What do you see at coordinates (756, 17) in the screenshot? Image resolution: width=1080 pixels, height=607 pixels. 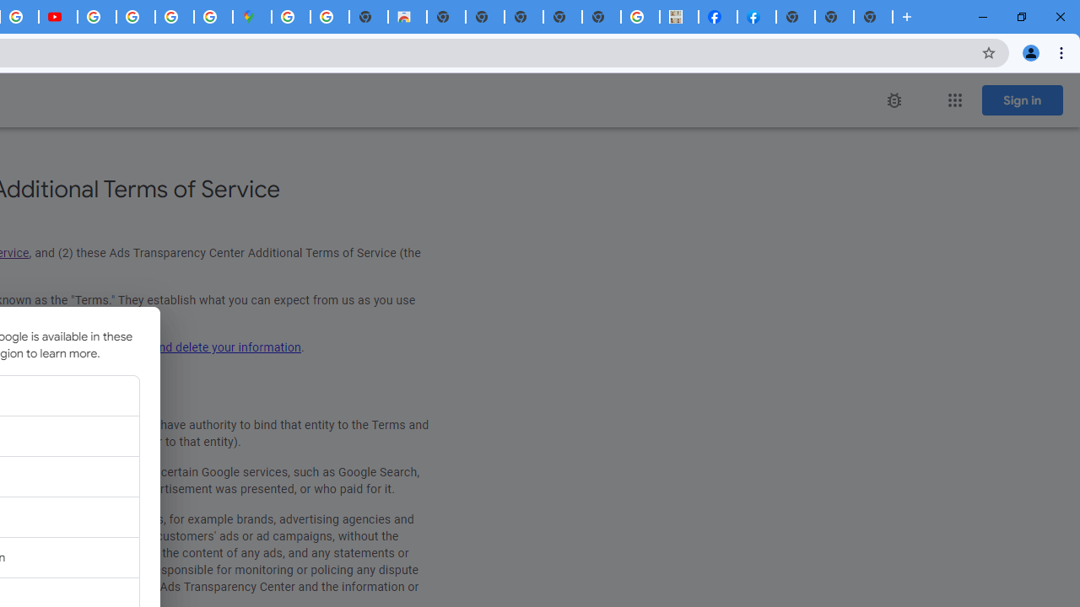 I see `'Sign Up for Facebook'` at bounding box center [756, 17].